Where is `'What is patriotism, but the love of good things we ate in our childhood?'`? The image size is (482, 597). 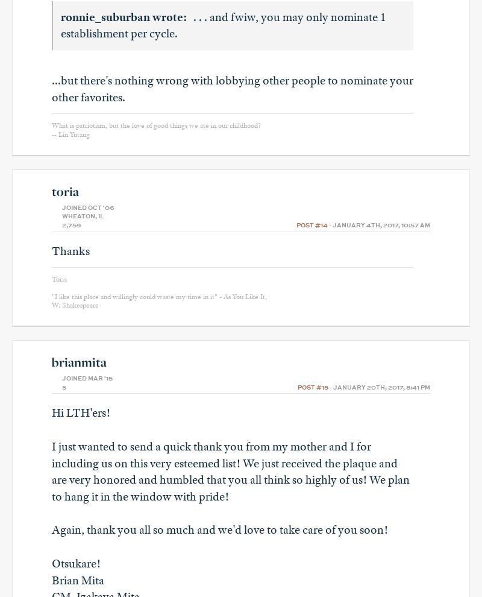
'What is patriotism, but the love of good things we ate in our childhood?' is located at coordinates (155, 125).